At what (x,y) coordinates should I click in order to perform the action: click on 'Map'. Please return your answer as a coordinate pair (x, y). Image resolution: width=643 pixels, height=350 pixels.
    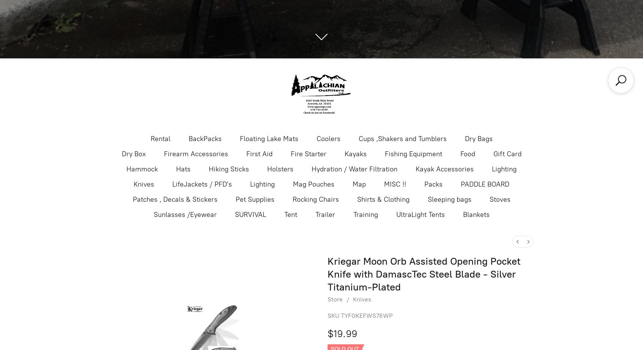
    Looking at the image, I should click on (359, 184).